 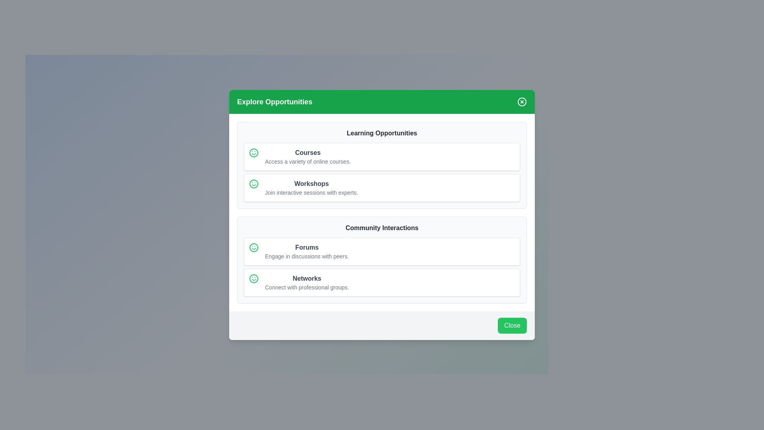 I want to click on the circular graphical component that serves as the base of the close icon located at the top-right corner of the green header strip adjacent to the 'Explore Opportunities' dialog, so click(x=522, y=101).